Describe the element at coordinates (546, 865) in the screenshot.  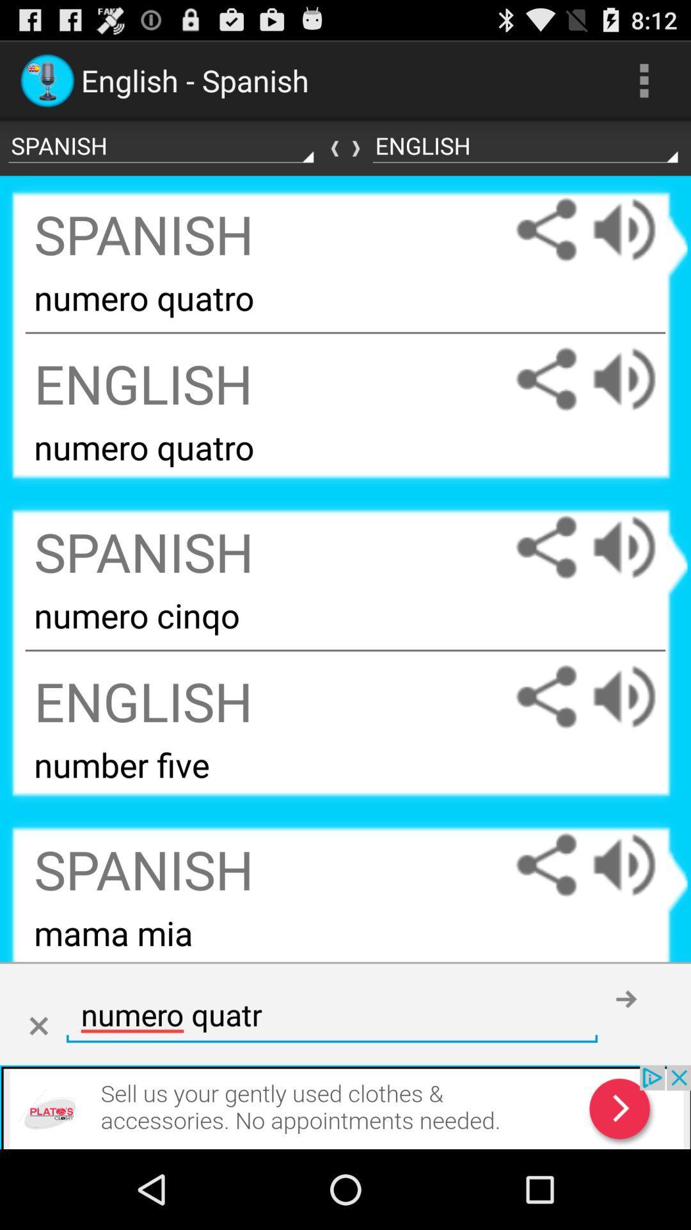
I see `share button` at that location.